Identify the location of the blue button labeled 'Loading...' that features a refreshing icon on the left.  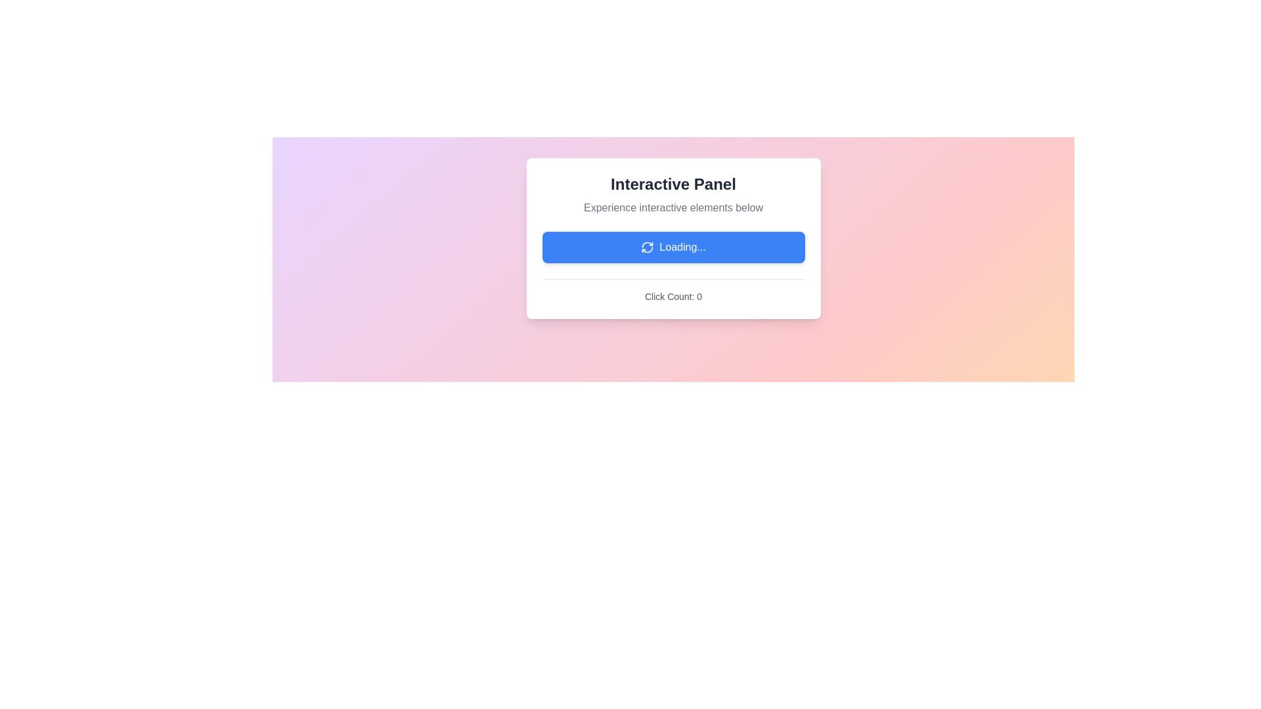
(673, 247).